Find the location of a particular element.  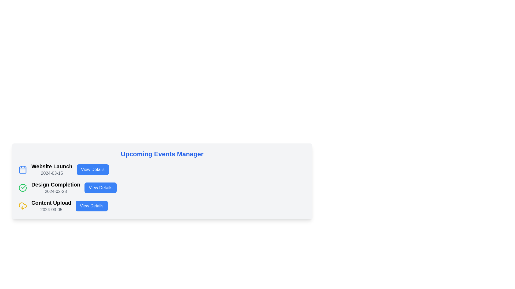

date information displayed in the static text label showing '2024-03-15', which is located beneath the 'Website Launch' title in the 'Upcoming Events Manager' section is located at coordinates (52, 173).